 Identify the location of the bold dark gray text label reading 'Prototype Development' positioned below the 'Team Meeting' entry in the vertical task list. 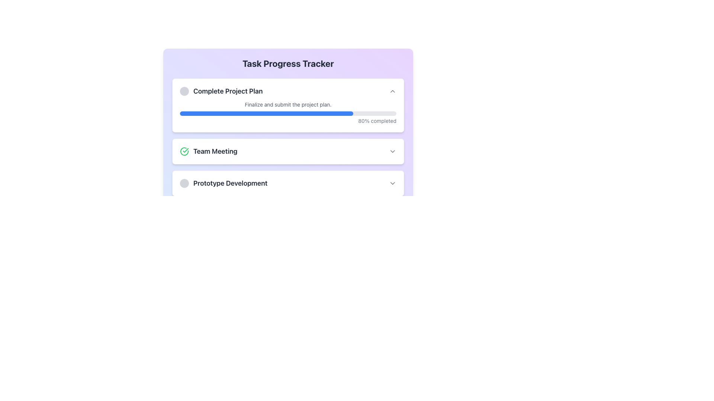
(230, 183).